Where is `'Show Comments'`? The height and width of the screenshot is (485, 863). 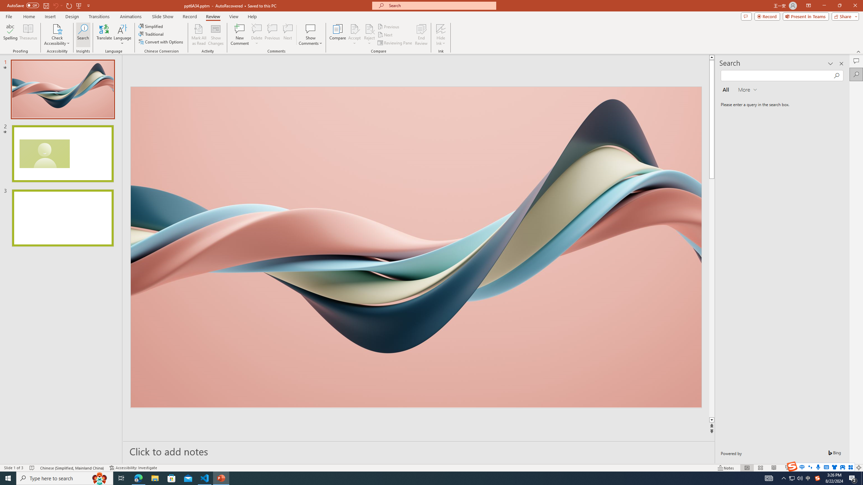 'Show Comments' is located at coordinates (310, 35).